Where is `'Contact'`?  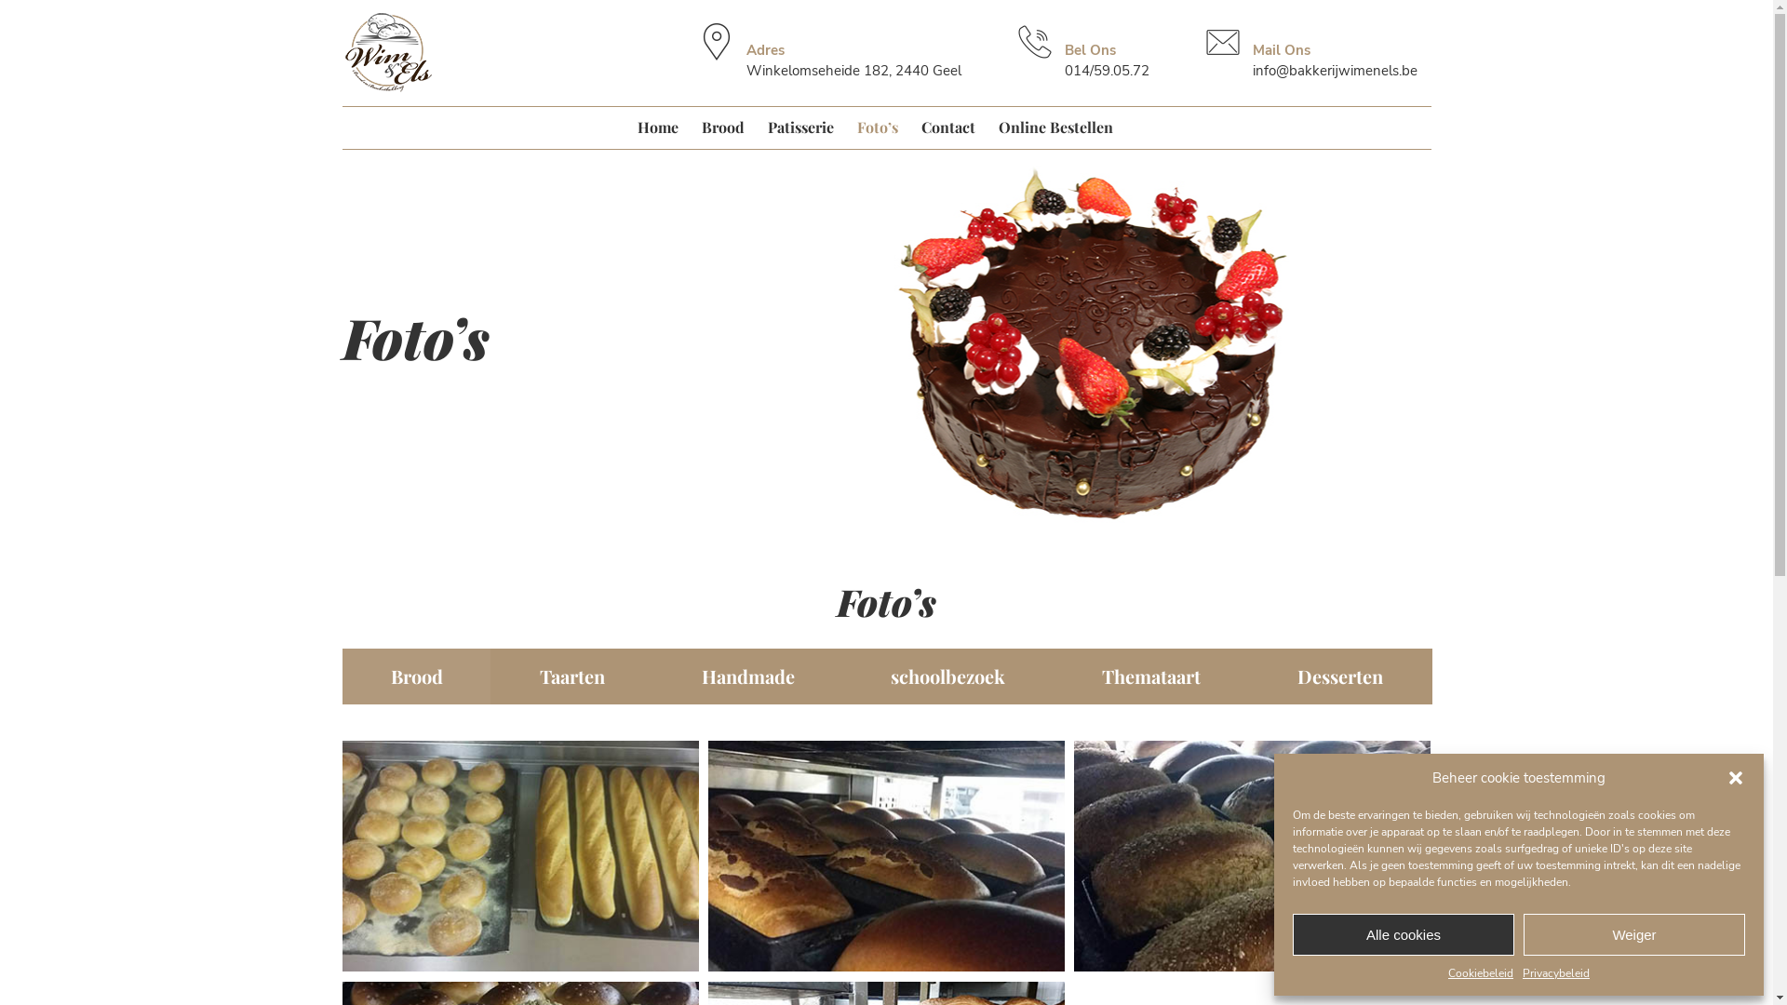
'Contact' is located at coordinates (947, 126).